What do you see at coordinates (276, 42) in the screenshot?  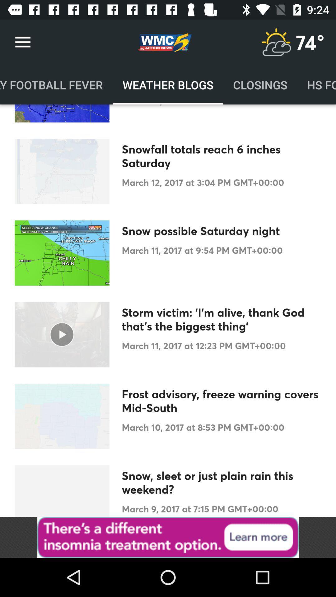 I see `open weather information` at bounding box center [276, 42].